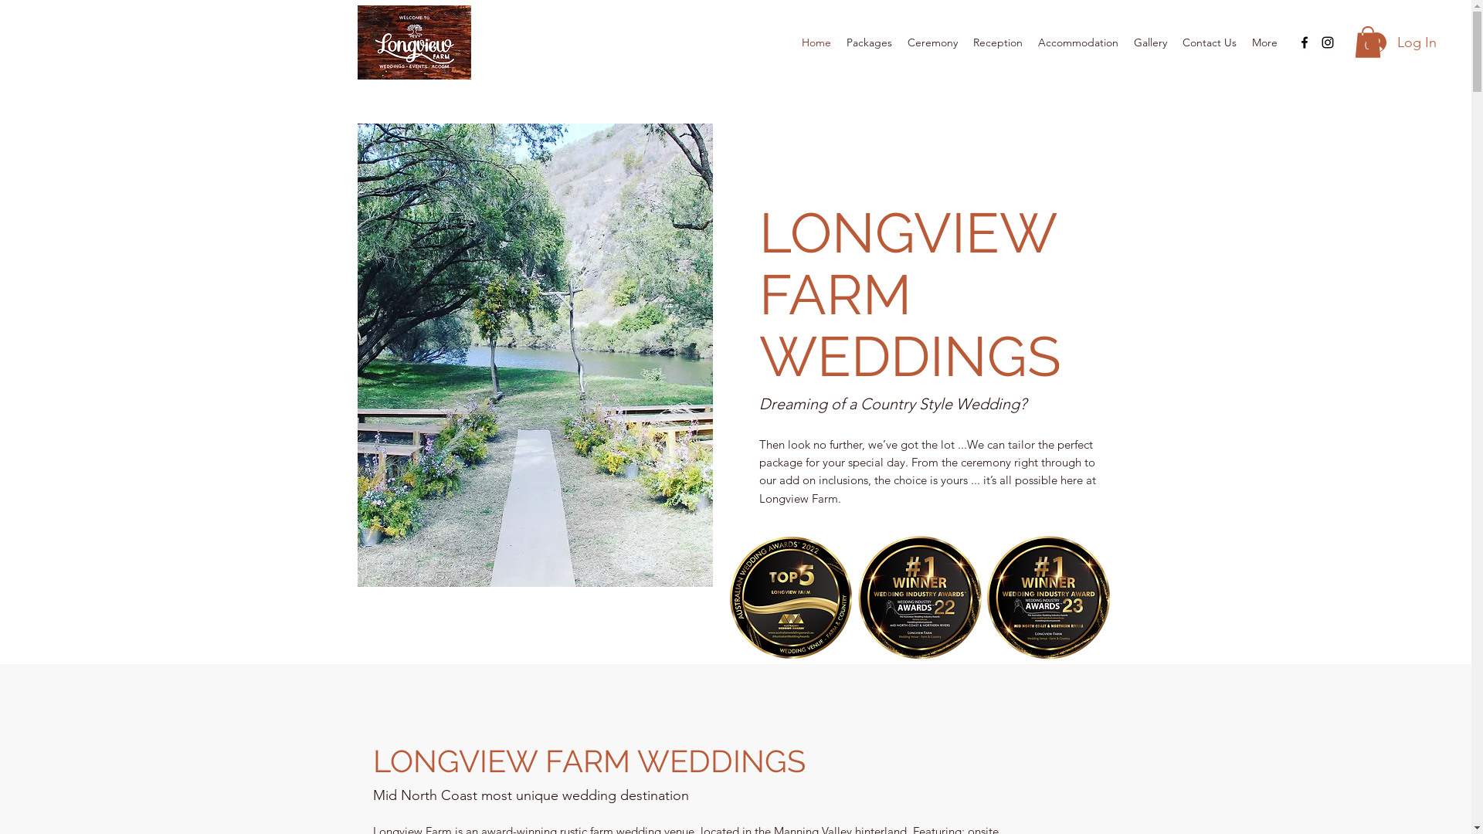 Image resolution: width=1483 pixels, height=834 pixels. Describe the element at coordinates (1368, 41) in the screenshot. I see `'0'` at that location.